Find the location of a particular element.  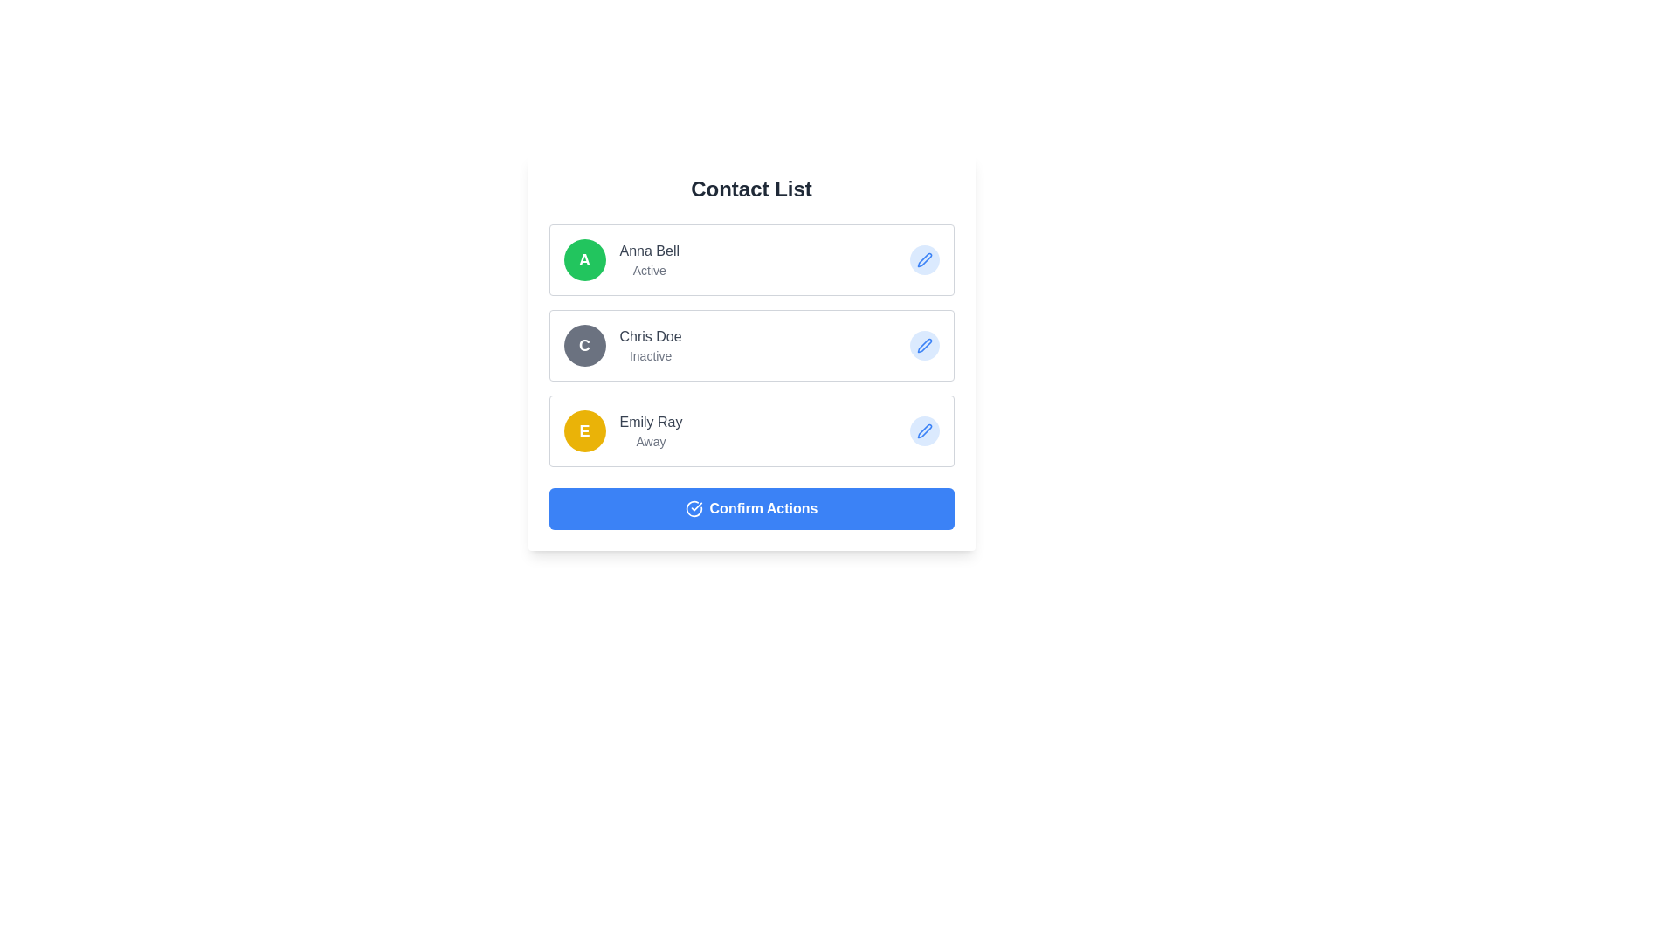

the 'Edit' icon button located in the upper-right area of the first contact item, next to 'Anna Bell' and above the status text 'Active', to initiate editing the contact information is located at coordinates (923, 259).